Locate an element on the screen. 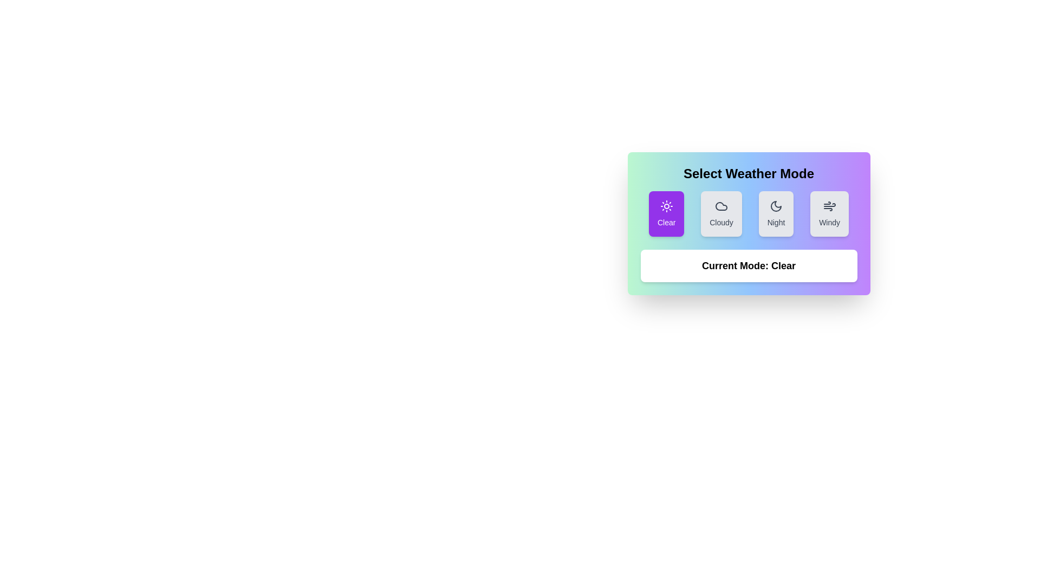  the sun icon with rays, which is styled as a vector graphic within a circular boundary and is located on the top-left section of the purple button labeled 'Clear' is located at coordinates (666, 206).